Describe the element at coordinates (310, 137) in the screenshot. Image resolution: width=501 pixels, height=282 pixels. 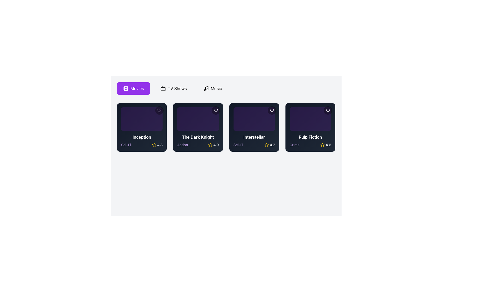
I see `the text label displaying the title 'Pulp Fiction' in white, bold font located at the bottom of the rightmost movie card` at that location.